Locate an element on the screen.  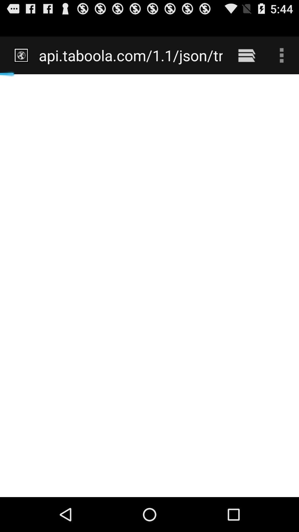
the title of the page is located at coordinates (126, 47).